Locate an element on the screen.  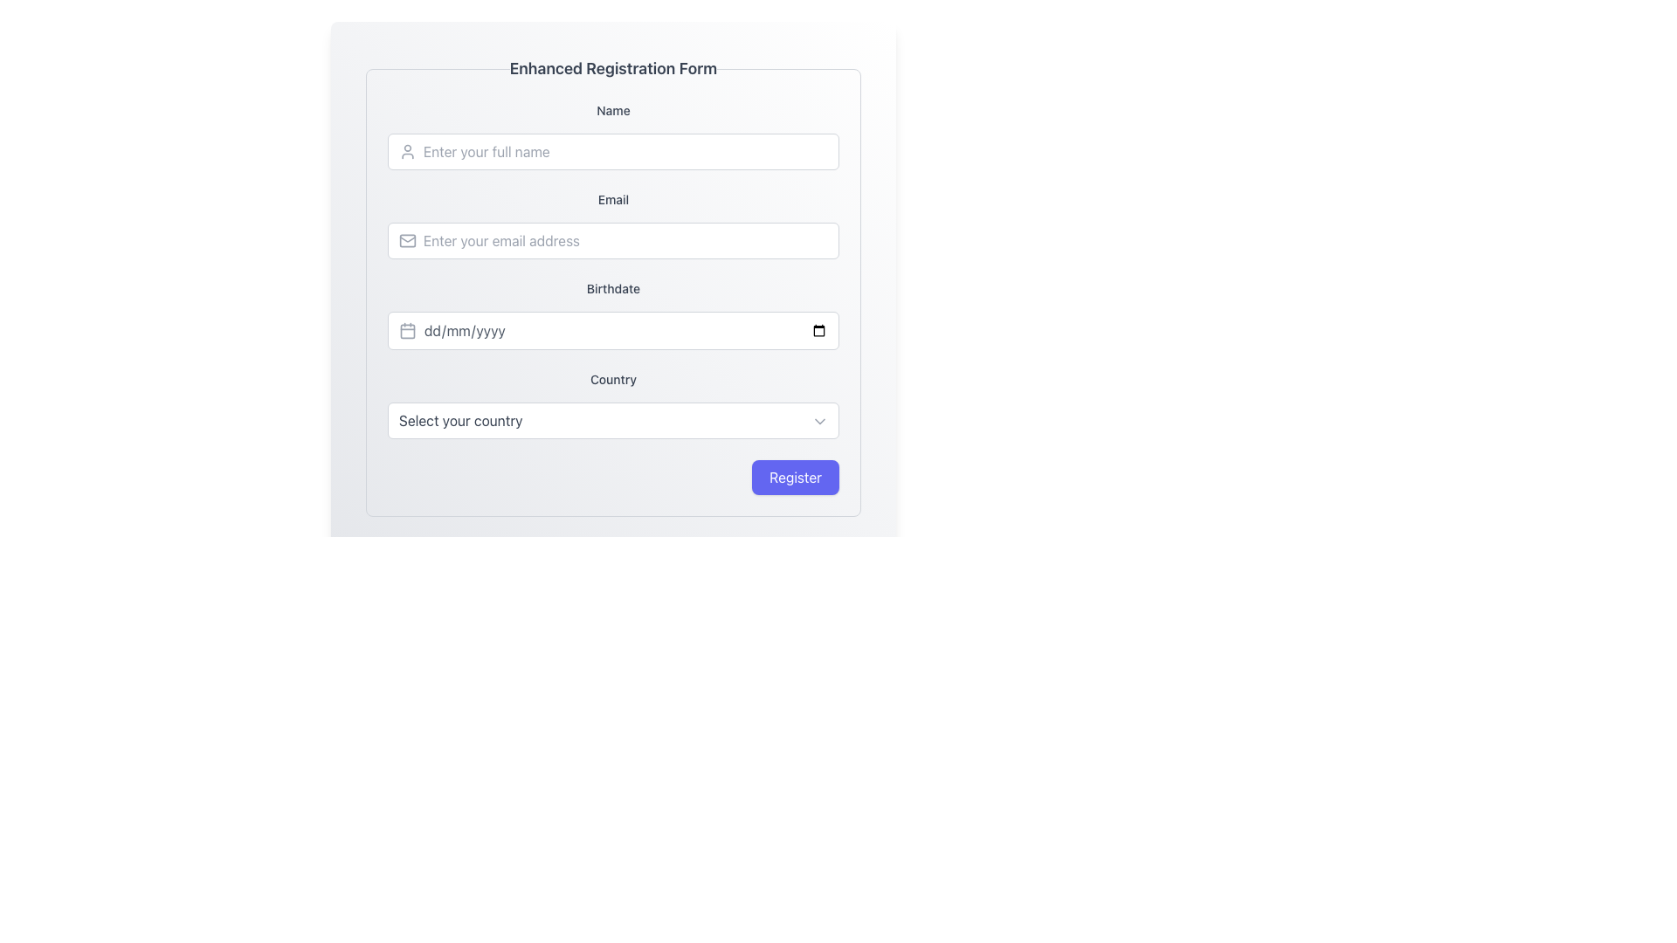
the Date Input Field labeled 'Birthdate' is located at coordinates (625, 330).